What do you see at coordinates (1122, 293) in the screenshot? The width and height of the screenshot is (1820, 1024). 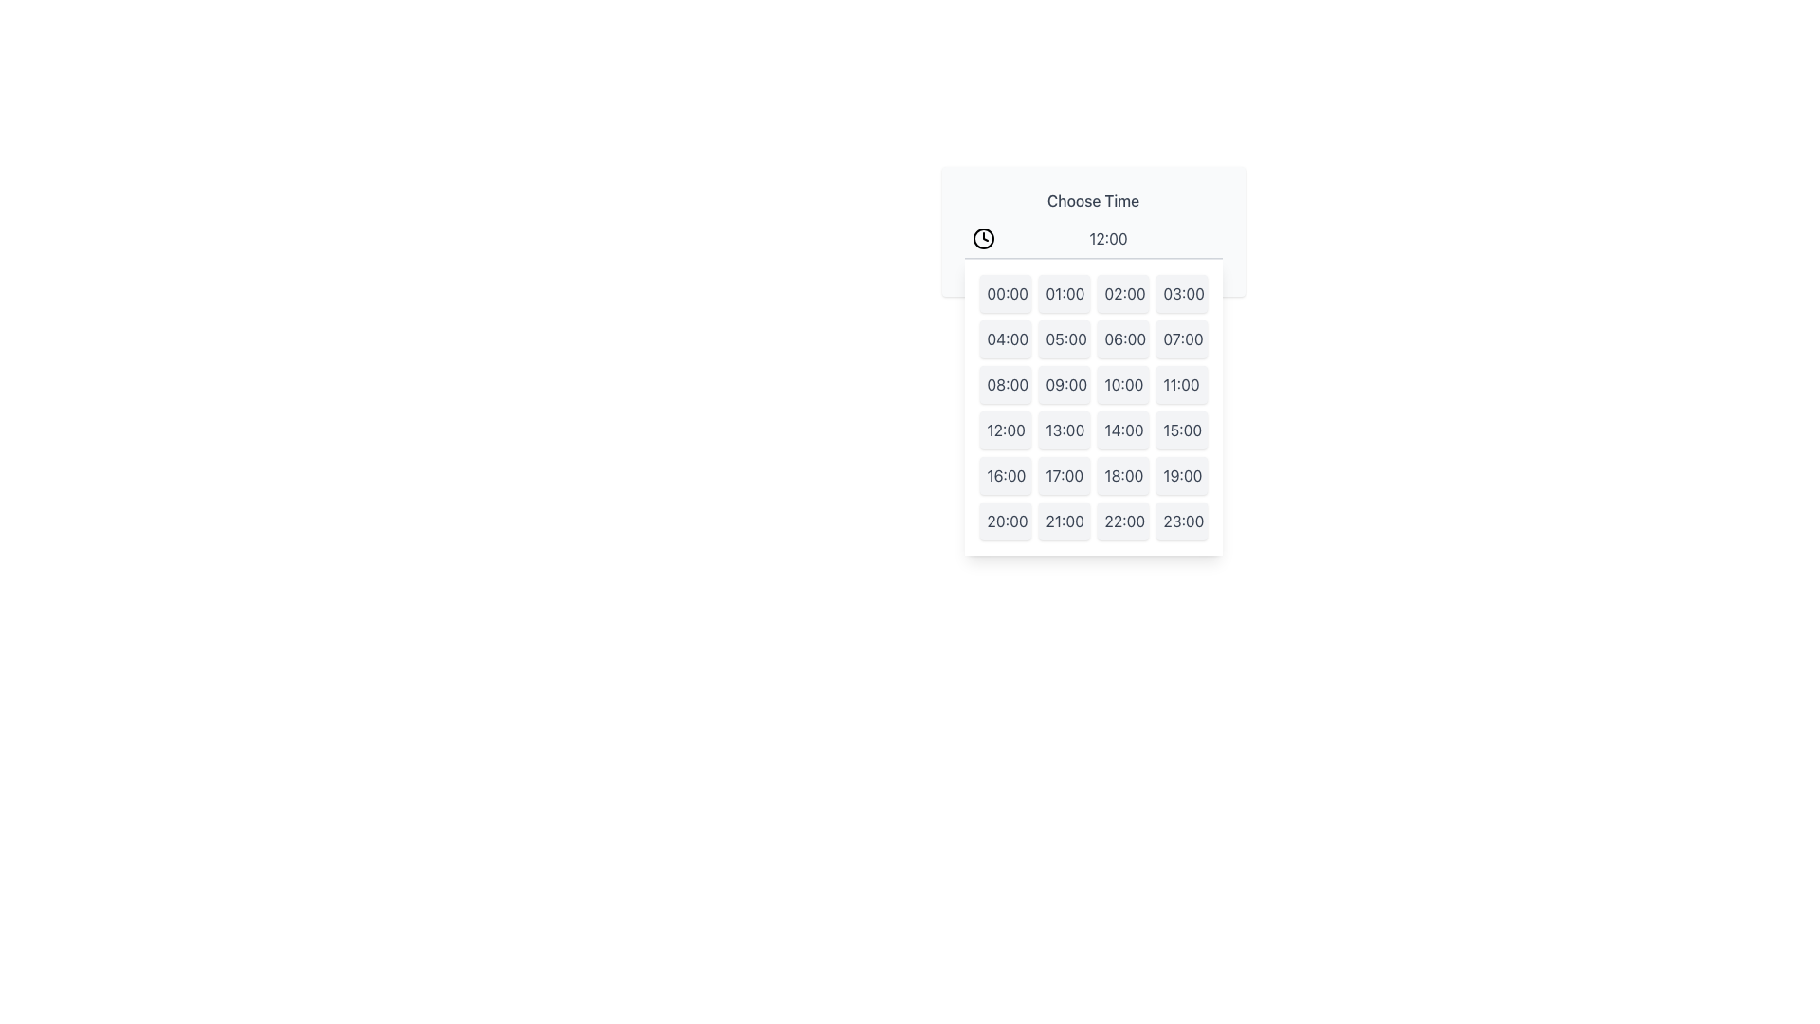 I see `the time selection button for '02:00' in the dropdown list to highlight it for keyboard navigation` at bounding box center [1122, 293].